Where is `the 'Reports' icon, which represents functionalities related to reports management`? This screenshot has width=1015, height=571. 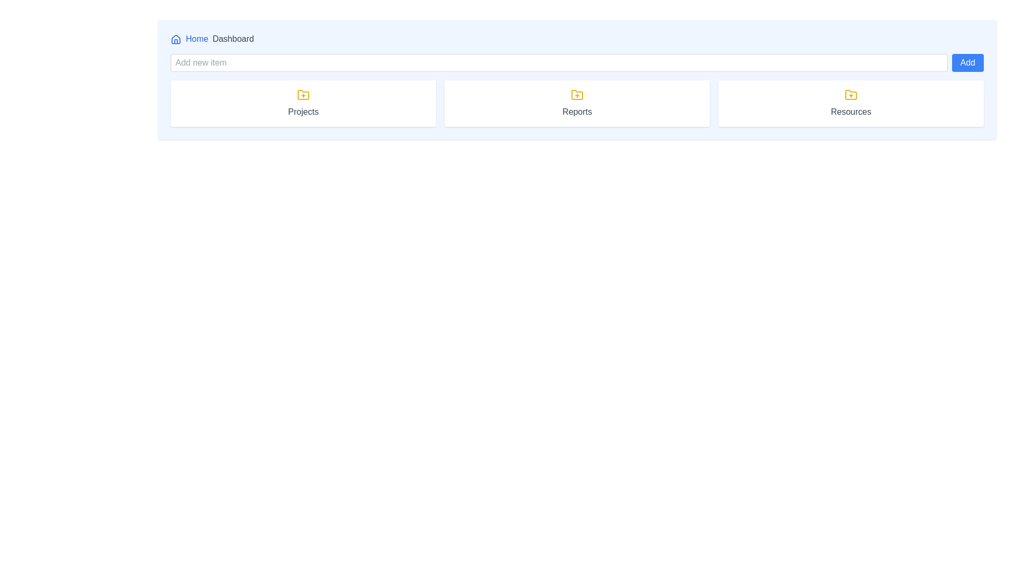
the 'Reports' icon, which represents functionalities related to reports management is located at coordinates (576, 94).